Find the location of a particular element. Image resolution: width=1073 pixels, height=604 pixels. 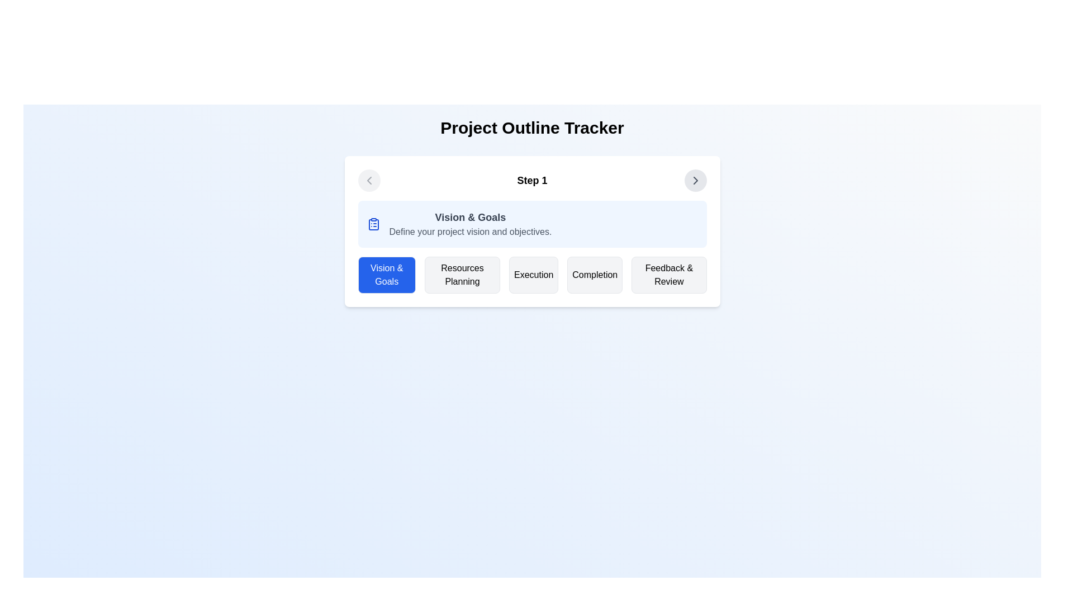

the text element containing 'Define your project vision and objectives.' which is located beneath the heading 'Vision & Goals' is located at coordinates (470, 232).